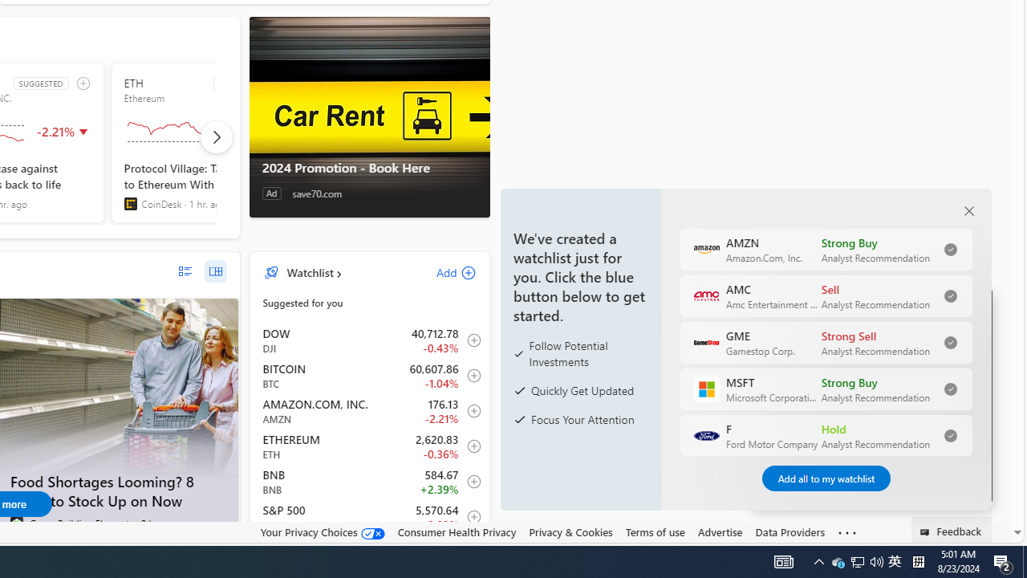 The image size is (1027, 578). Describe the element at coordinates (310, 271) in the screenshot. I see `'Watchlist'` at that location.